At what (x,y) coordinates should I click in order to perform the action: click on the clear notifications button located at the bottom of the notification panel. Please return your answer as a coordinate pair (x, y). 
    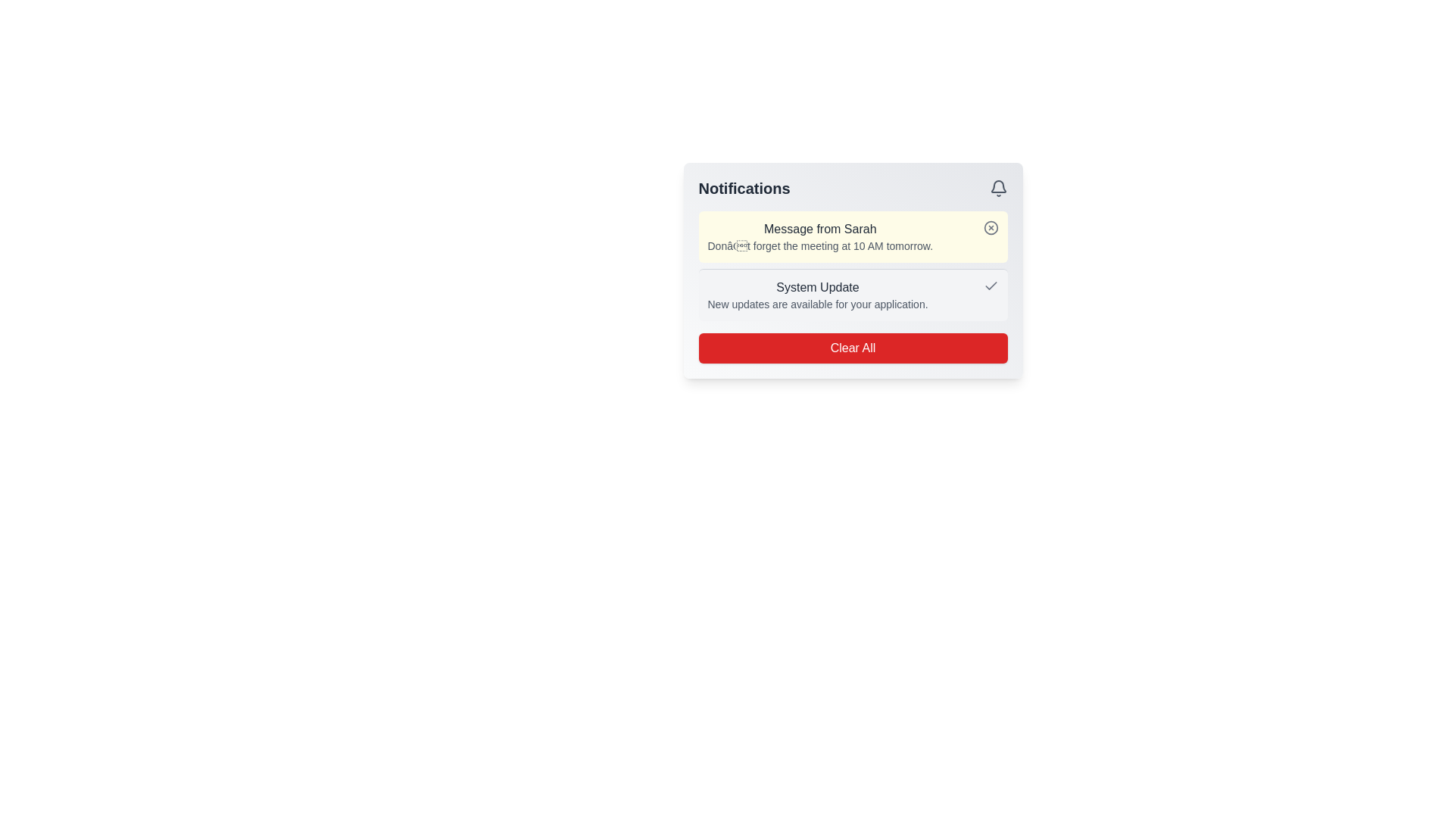
    Looking at the image, I should click on (853, 348).